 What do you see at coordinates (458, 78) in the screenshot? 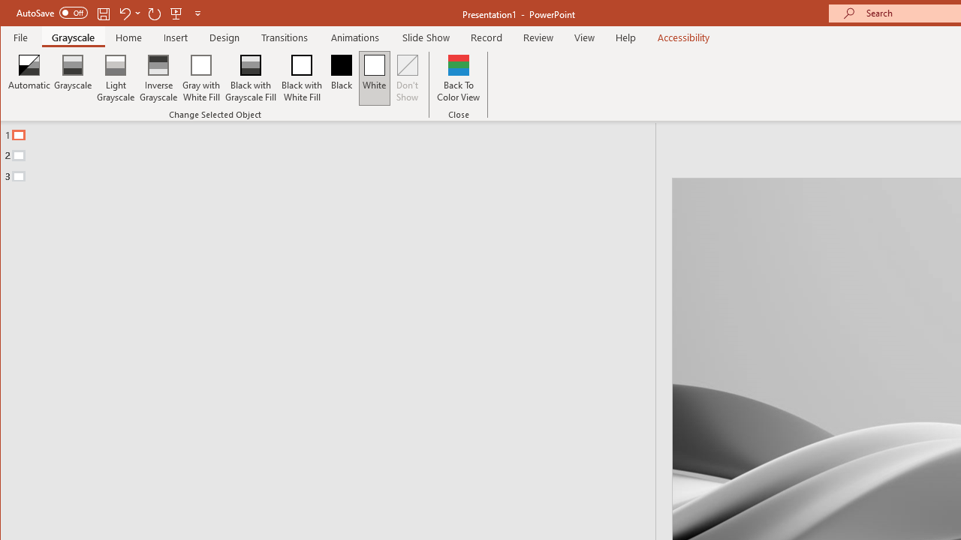
I see `'Back To Color View'` at bounding box center [458, 78].